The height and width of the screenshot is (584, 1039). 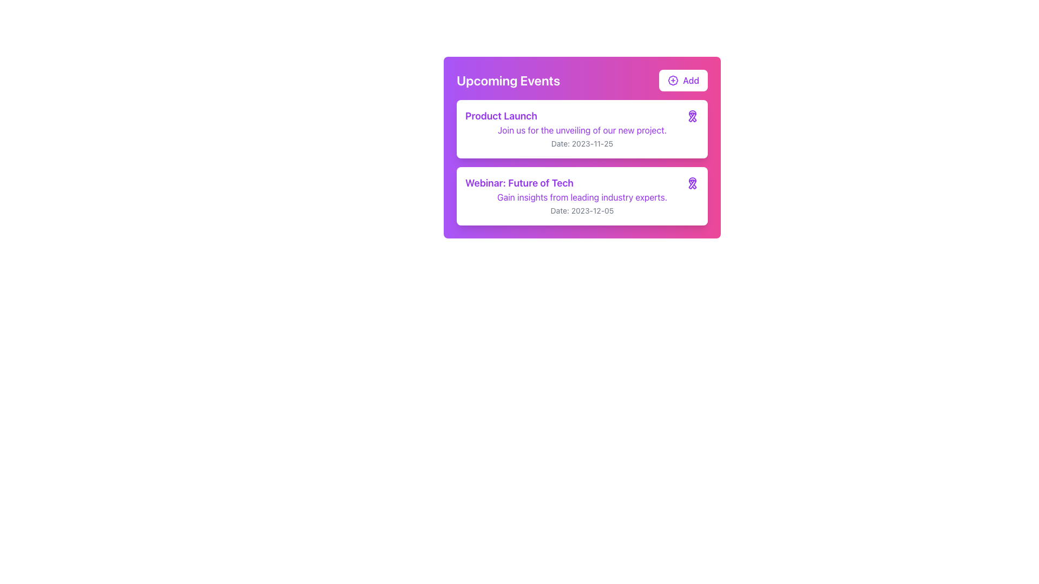 I want to click on the informational text label displaying the date of the event, located below the description text in the 'Product Launch' card, so click(x=581, y=143).